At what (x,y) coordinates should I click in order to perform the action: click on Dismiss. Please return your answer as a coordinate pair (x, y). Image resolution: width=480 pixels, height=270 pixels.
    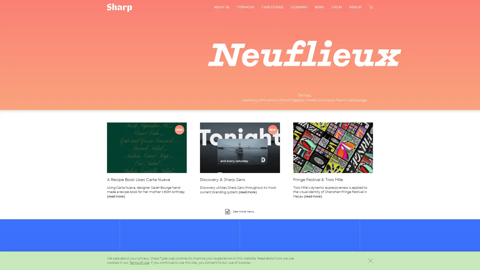
    Looking at the image, I should click on (394, 210).